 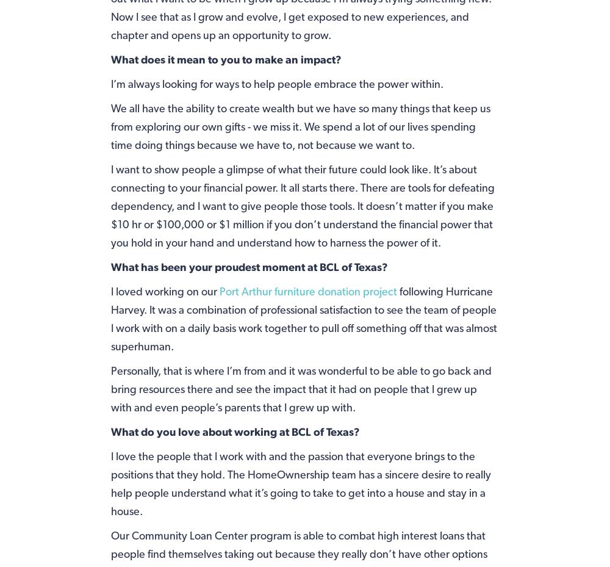 I want to click on 'We all have the ability to create wealth but we have so many things that keep us from exploring our own gifts - we miss it. We spend a lot of our lives spending time doing things because we have to, not because we want to.', so click(x=110, y=125).